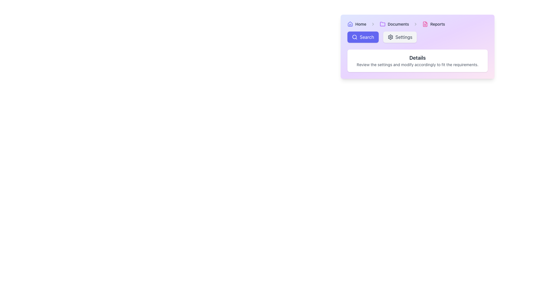  What do you see at coordinates (356, 24) in the screenshot?
I see `the 'Home' breadcrumb item in the navigation bar` at bounding box center [356, 24].